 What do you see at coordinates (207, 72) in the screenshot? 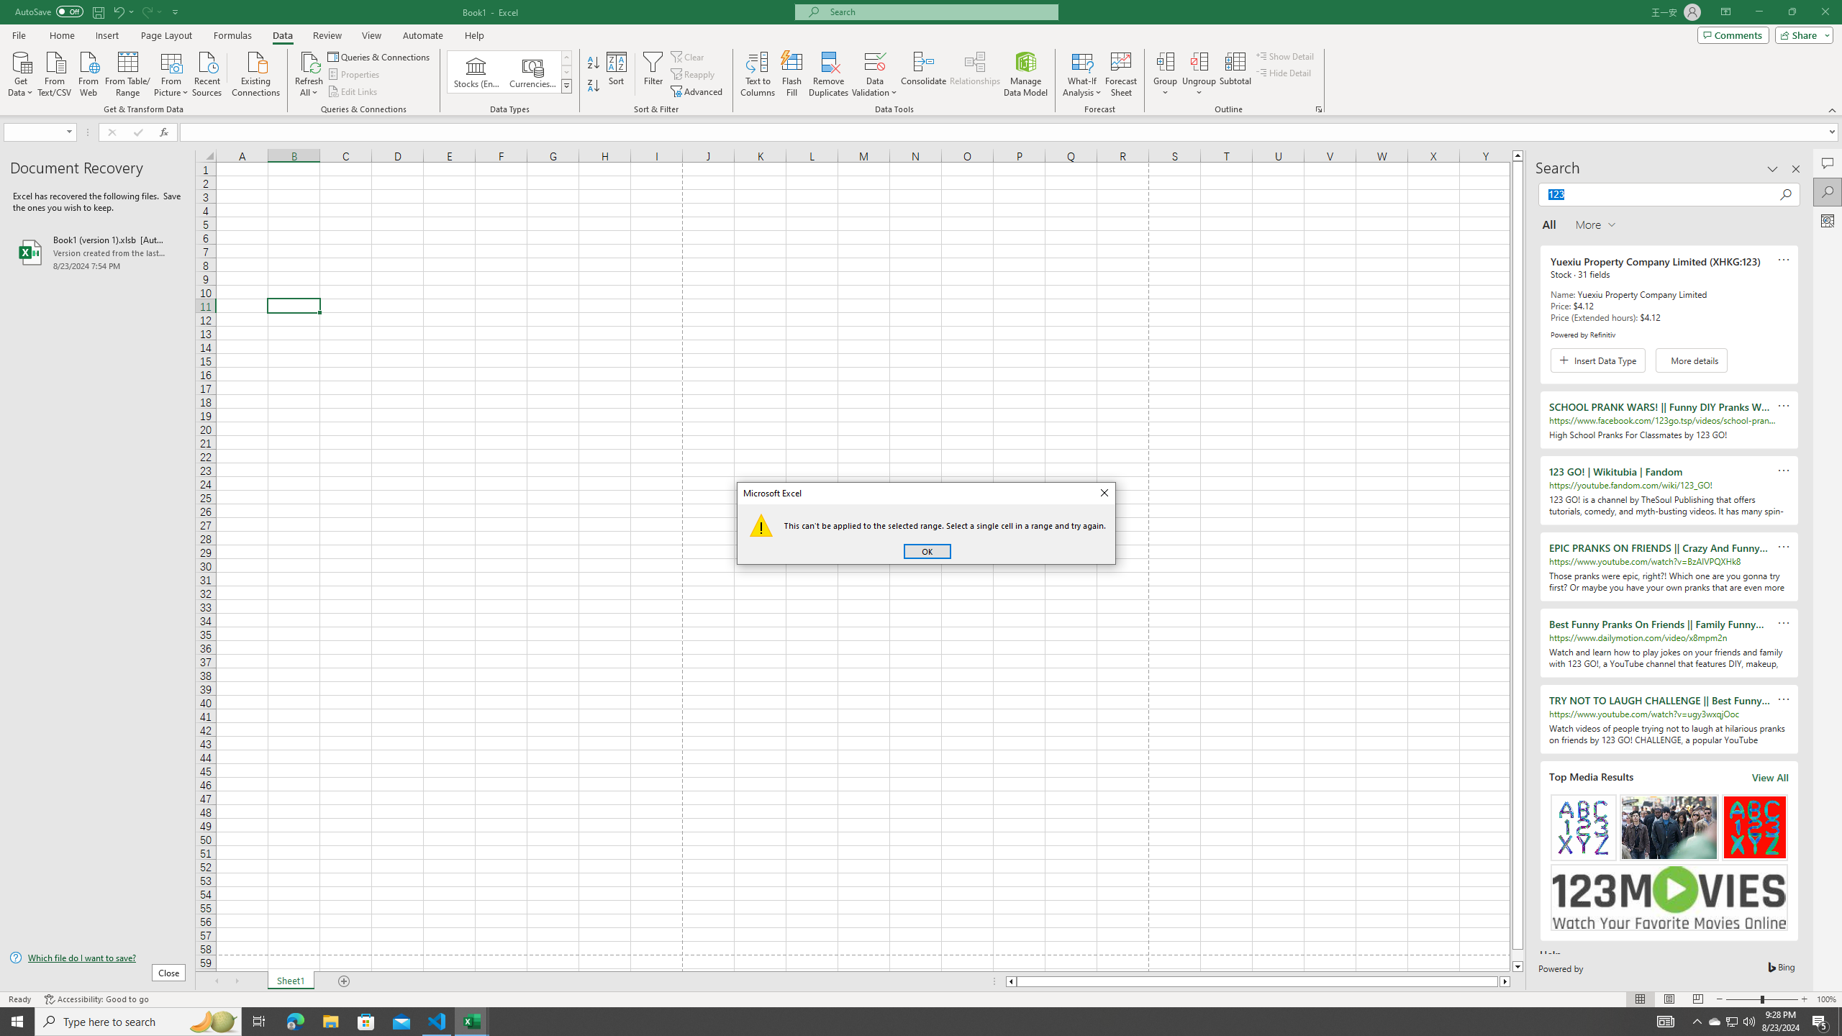
I see `'Recent Sources'` at bounding box center [207, 72].